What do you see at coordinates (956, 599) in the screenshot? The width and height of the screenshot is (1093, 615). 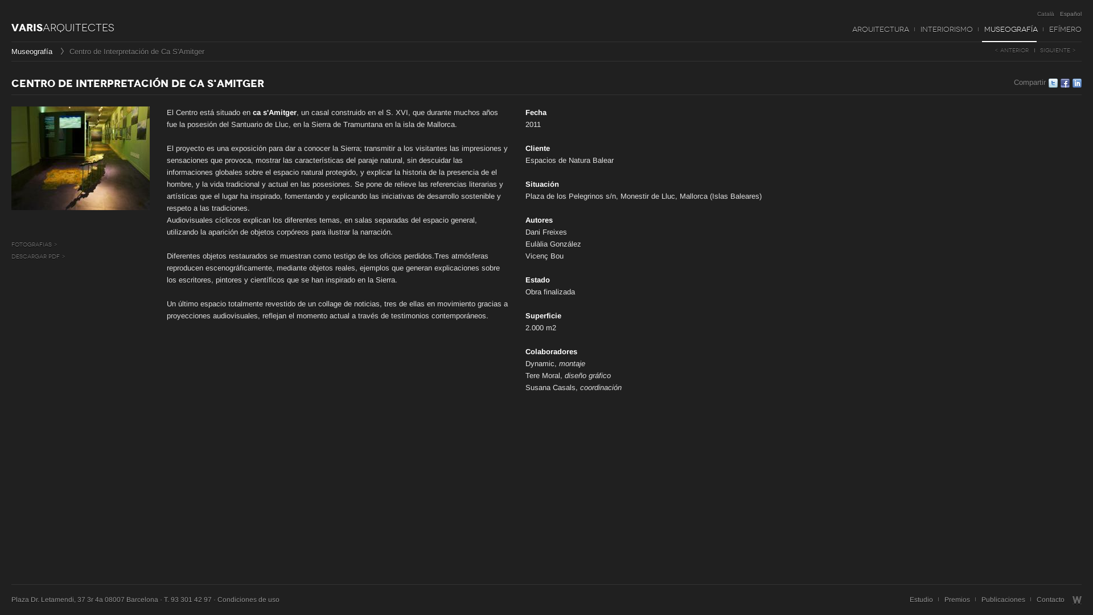 I see `'Premios'` at bounding box center [956, 599].